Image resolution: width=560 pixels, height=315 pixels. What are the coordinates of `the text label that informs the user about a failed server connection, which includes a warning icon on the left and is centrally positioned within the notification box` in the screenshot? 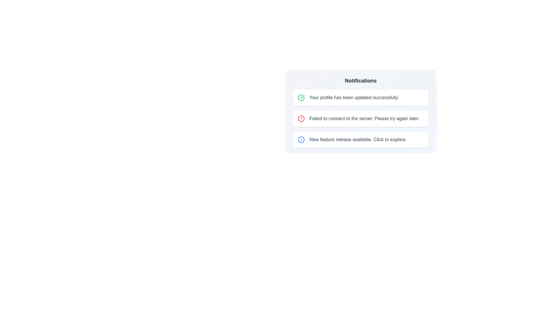 It's located at (364, 118).